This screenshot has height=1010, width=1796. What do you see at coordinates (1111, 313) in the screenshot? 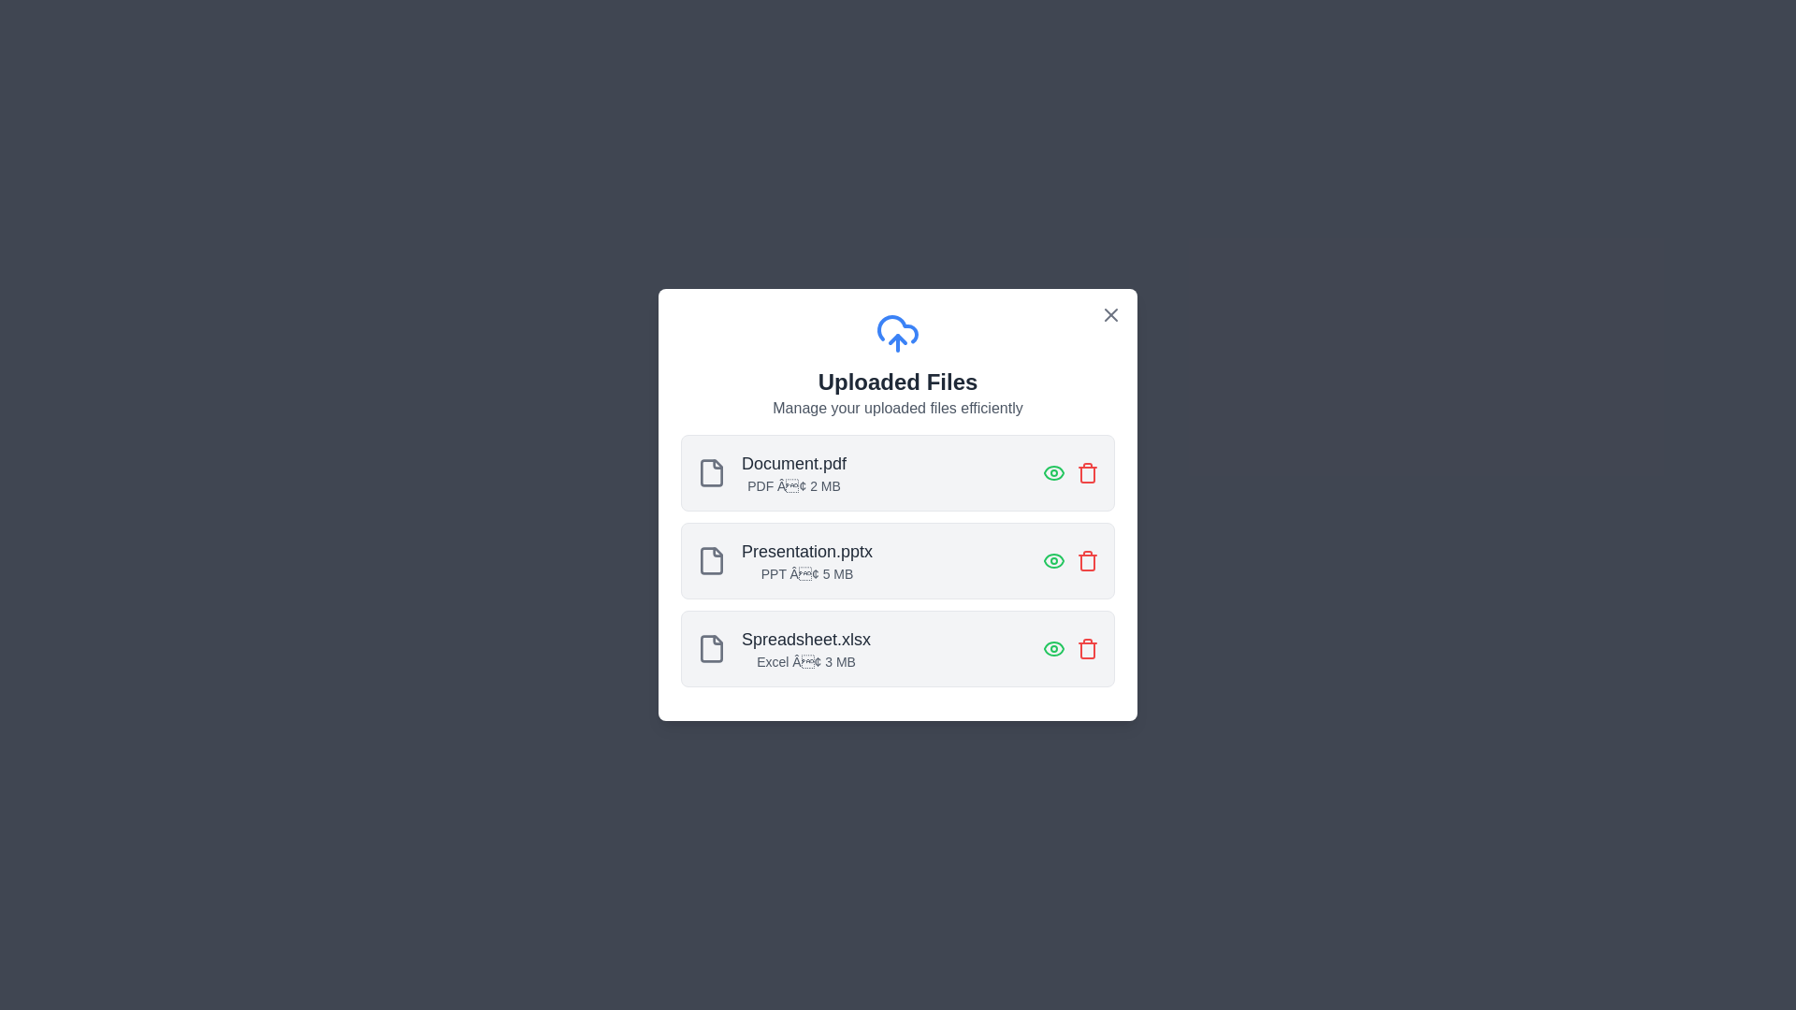
I see `the close button located at the top-right corner of the 'Uploaded Files' modal dialog` at bounding box center [1111, 313].